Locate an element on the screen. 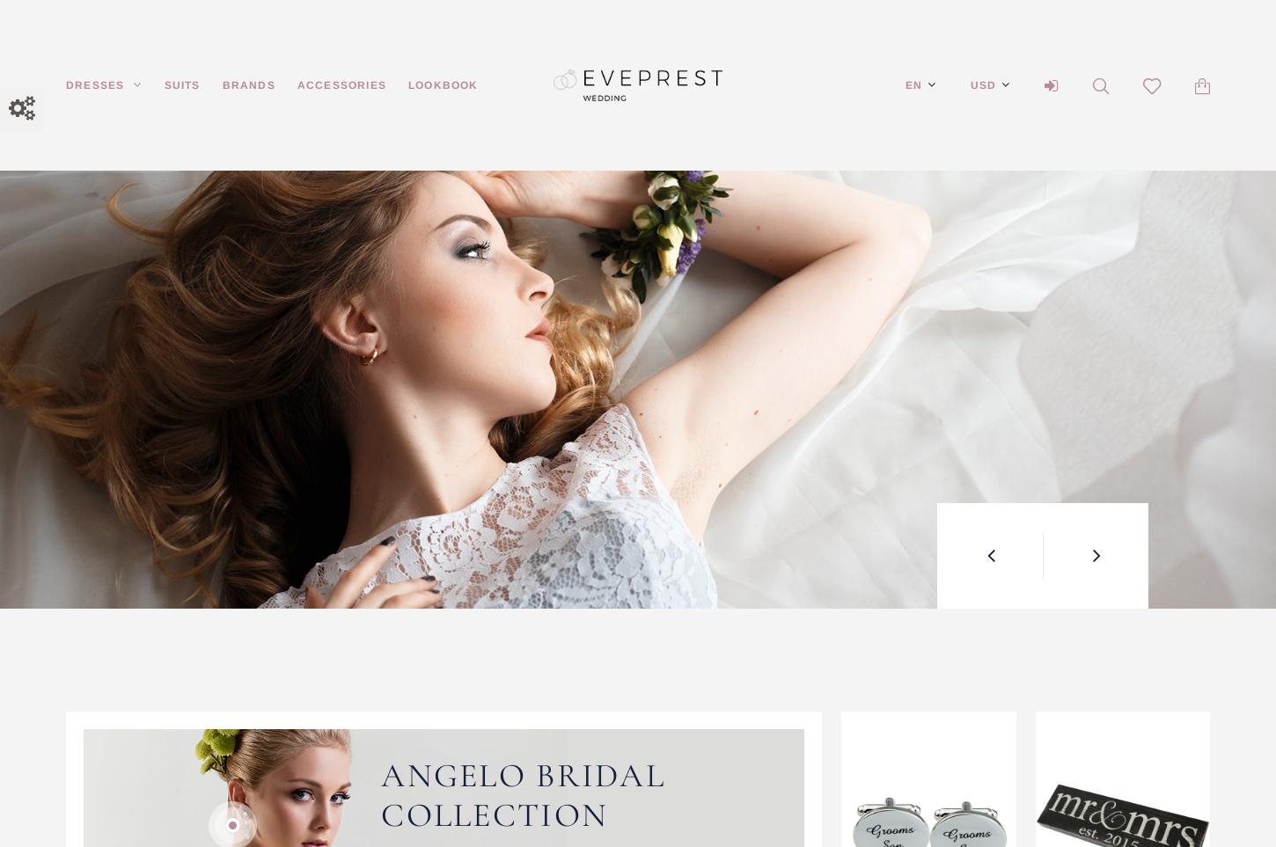 The image size is (1276, 847). 'Brands' is located at coordinates (248, 84).